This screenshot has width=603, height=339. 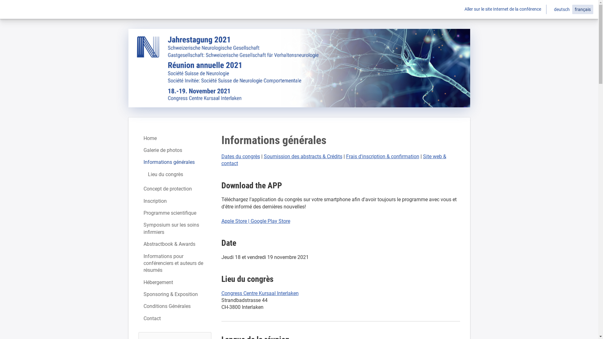 I want to click on 'Site web & contact', so click(x=333, y=159).